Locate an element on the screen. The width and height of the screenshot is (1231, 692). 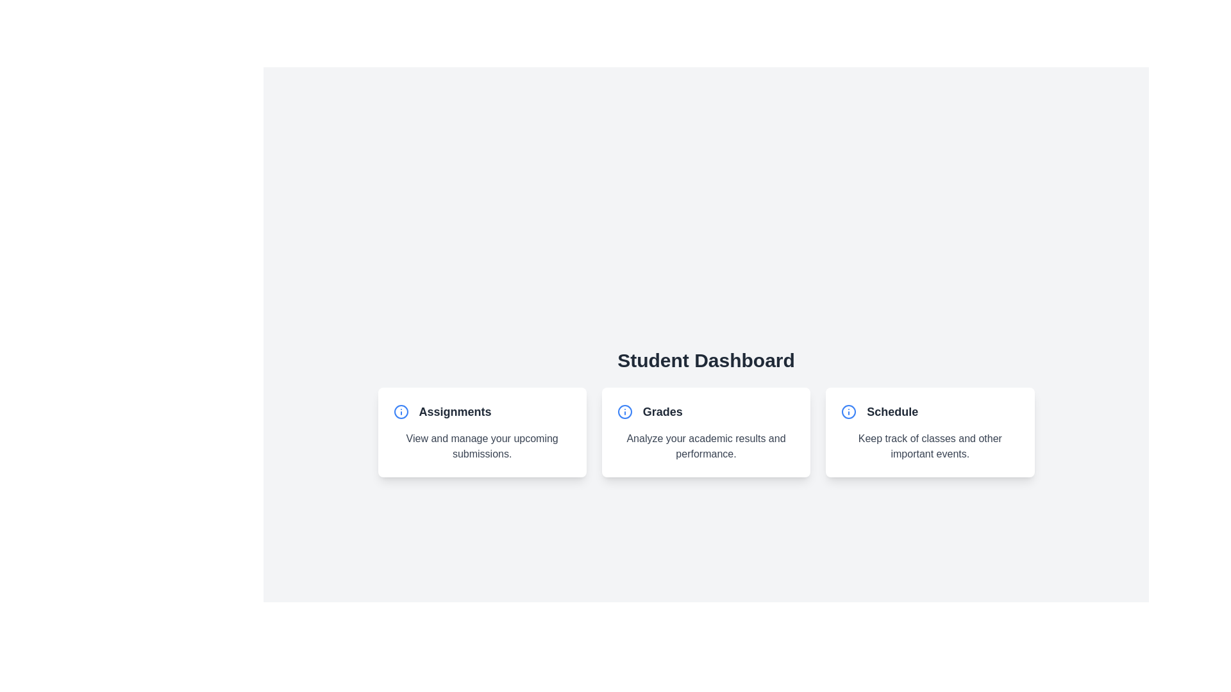
the static informative text that reads 'Analyze your academic results and performance.' which is styled in gray and located below the 'Grades' heading in the card layout is located at coordinates (705, 446).